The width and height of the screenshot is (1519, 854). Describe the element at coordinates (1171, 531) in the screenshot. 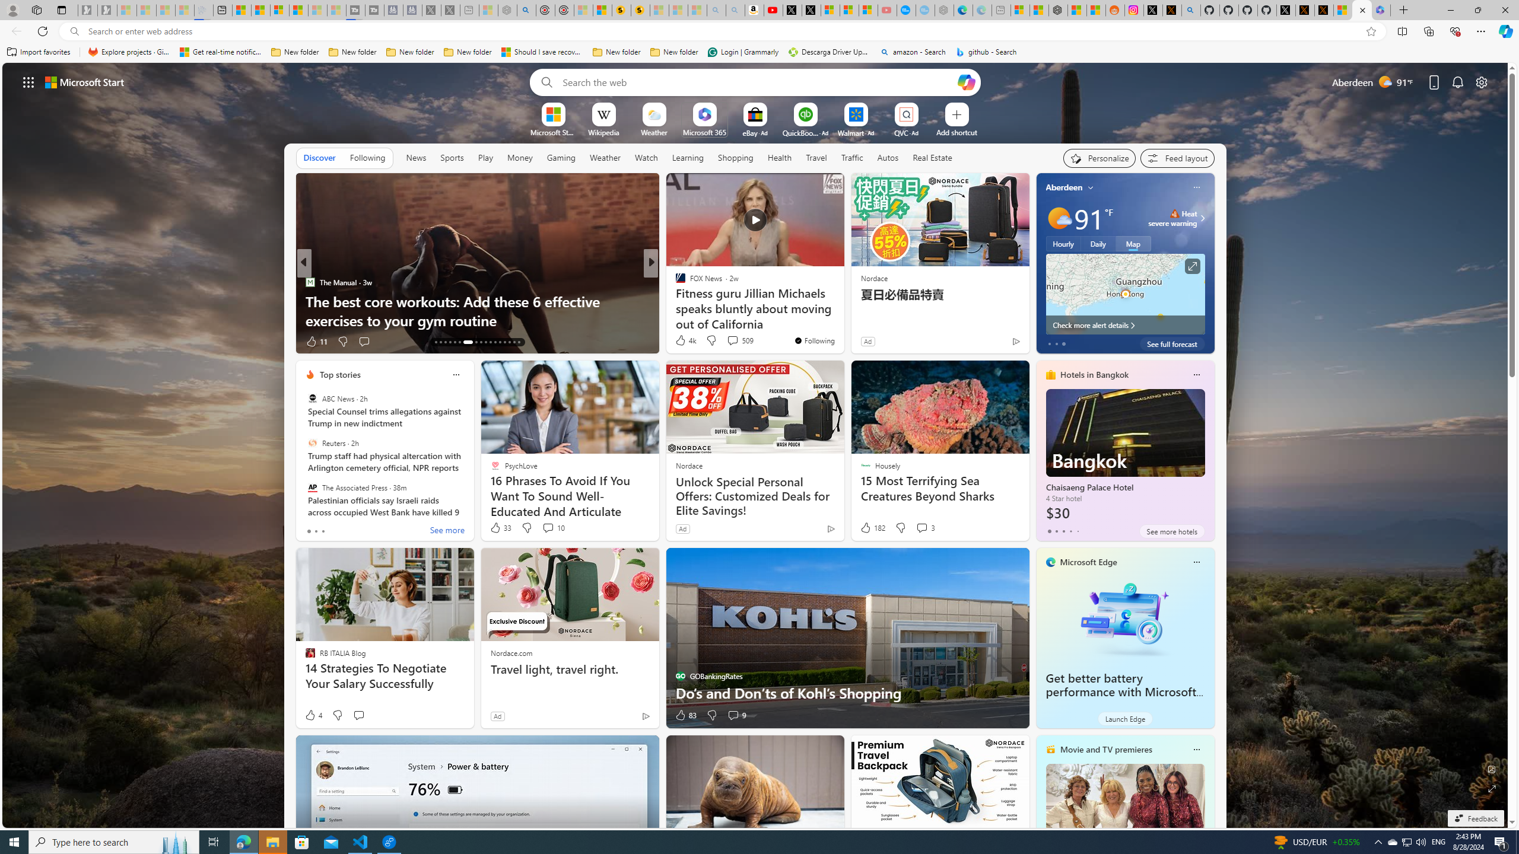

I see `'See more hotels'` at that location.